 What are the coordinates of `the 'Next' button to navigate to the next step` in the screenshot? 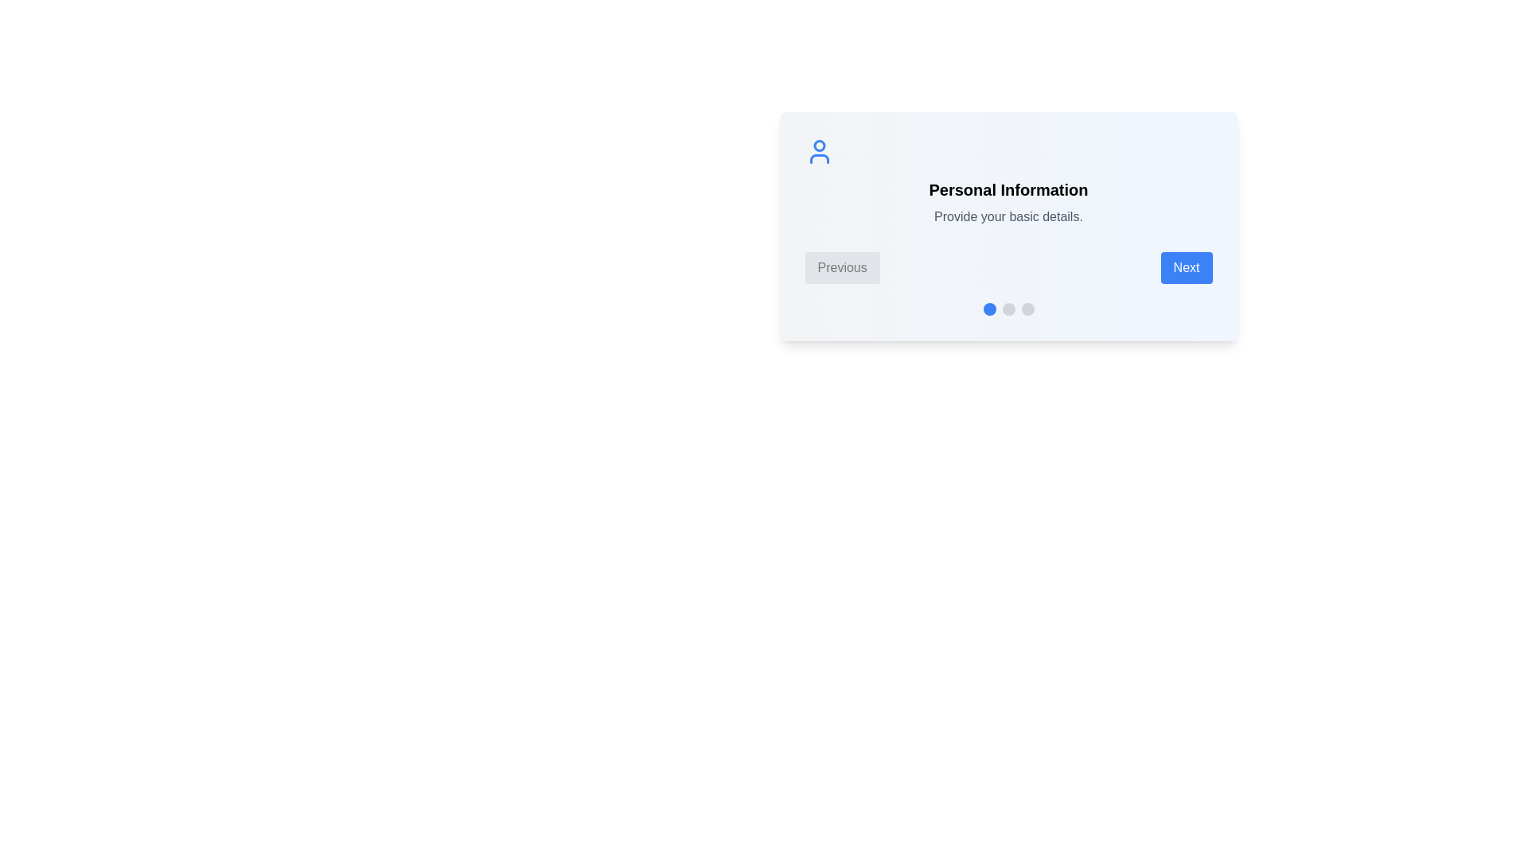 It's located at (1187, 266).